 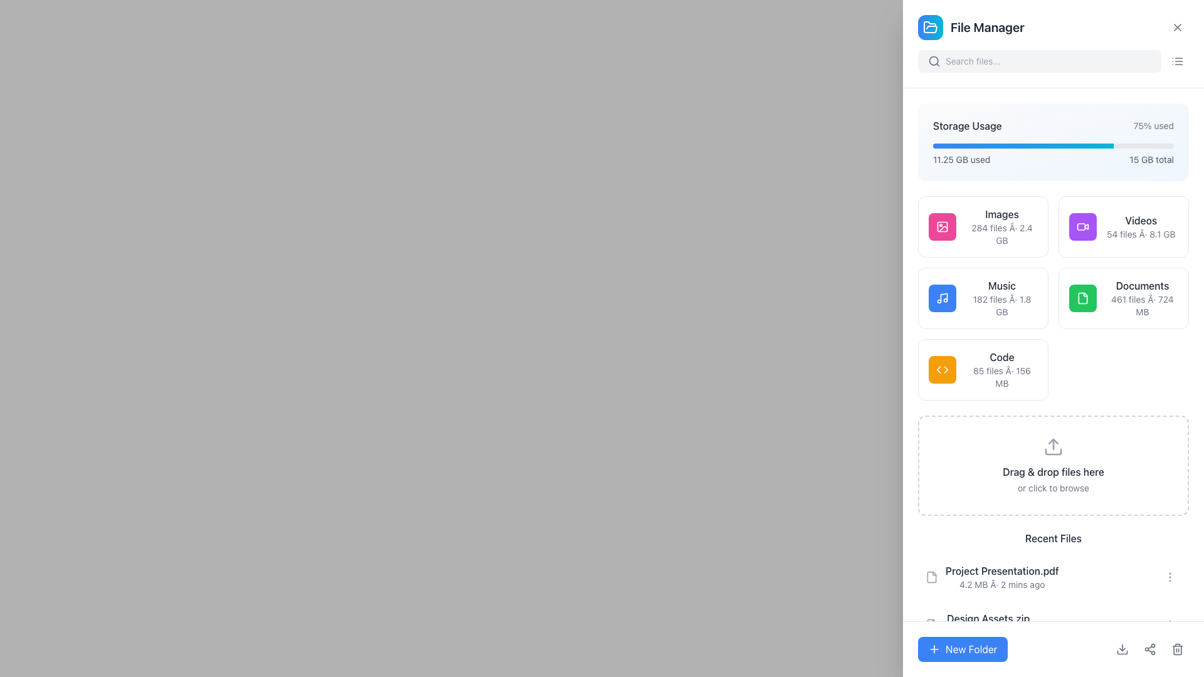 I want to click on the file icon representing 'Project Presentation.pdf' located in the 'Recent Files' section, which is the first component in its horizontal group, so click(x=932, y=577).